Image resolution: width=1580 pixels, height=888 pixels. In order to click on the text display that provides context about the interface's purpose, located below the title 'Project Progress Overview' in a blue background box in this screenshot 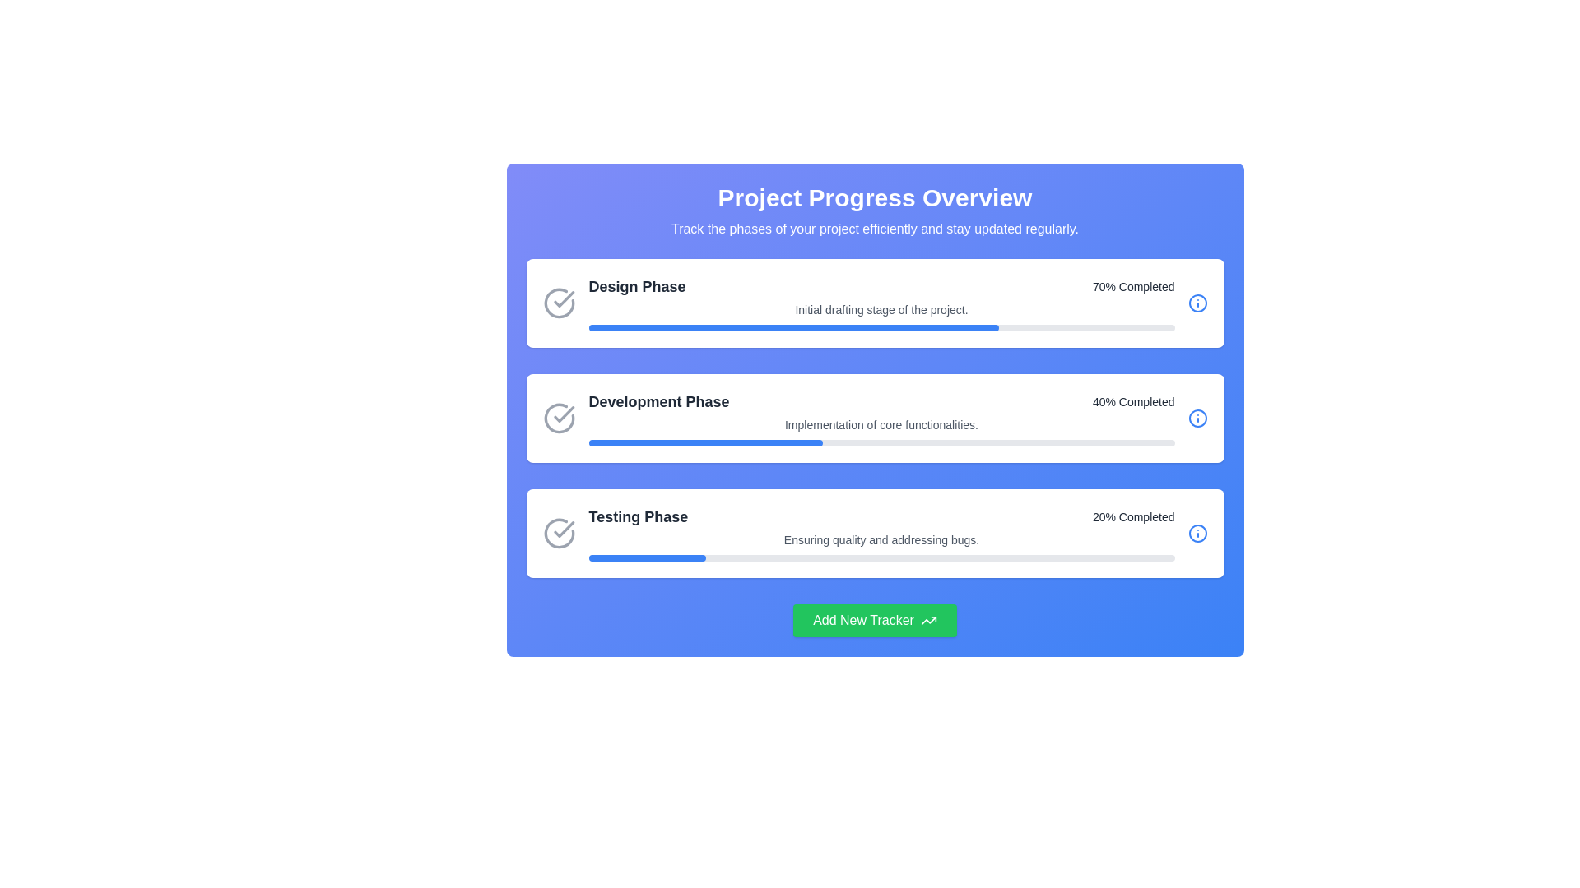, I will do `click(874, 229)`.